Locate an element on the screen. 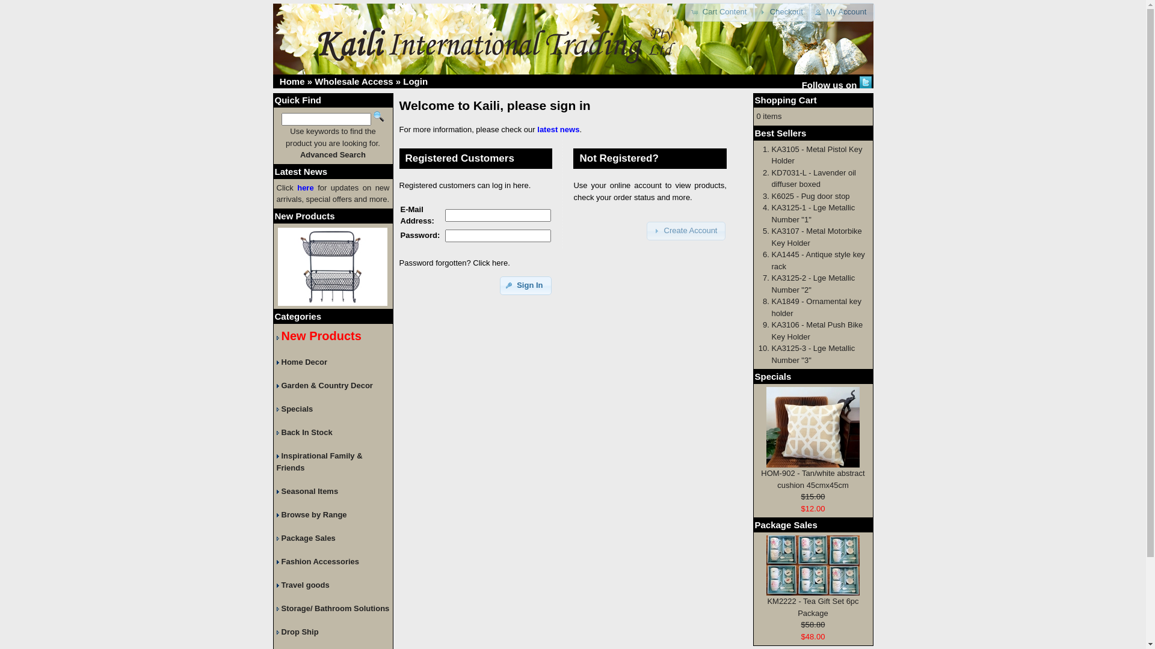 The image size is (1155, 649). 'KA3106 - Metal Push Bike Key Holder' is located at coordinates (817, 331).